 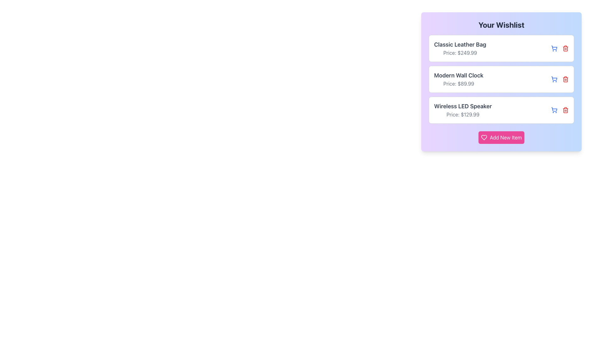 What do you see at coordinates (554, 78) in the screenshot?
I see `the shopping cart icon SVG element located to the right of the 'Modern Wall Clock' item in the wishlist interface` at bounding box center [554, 78].